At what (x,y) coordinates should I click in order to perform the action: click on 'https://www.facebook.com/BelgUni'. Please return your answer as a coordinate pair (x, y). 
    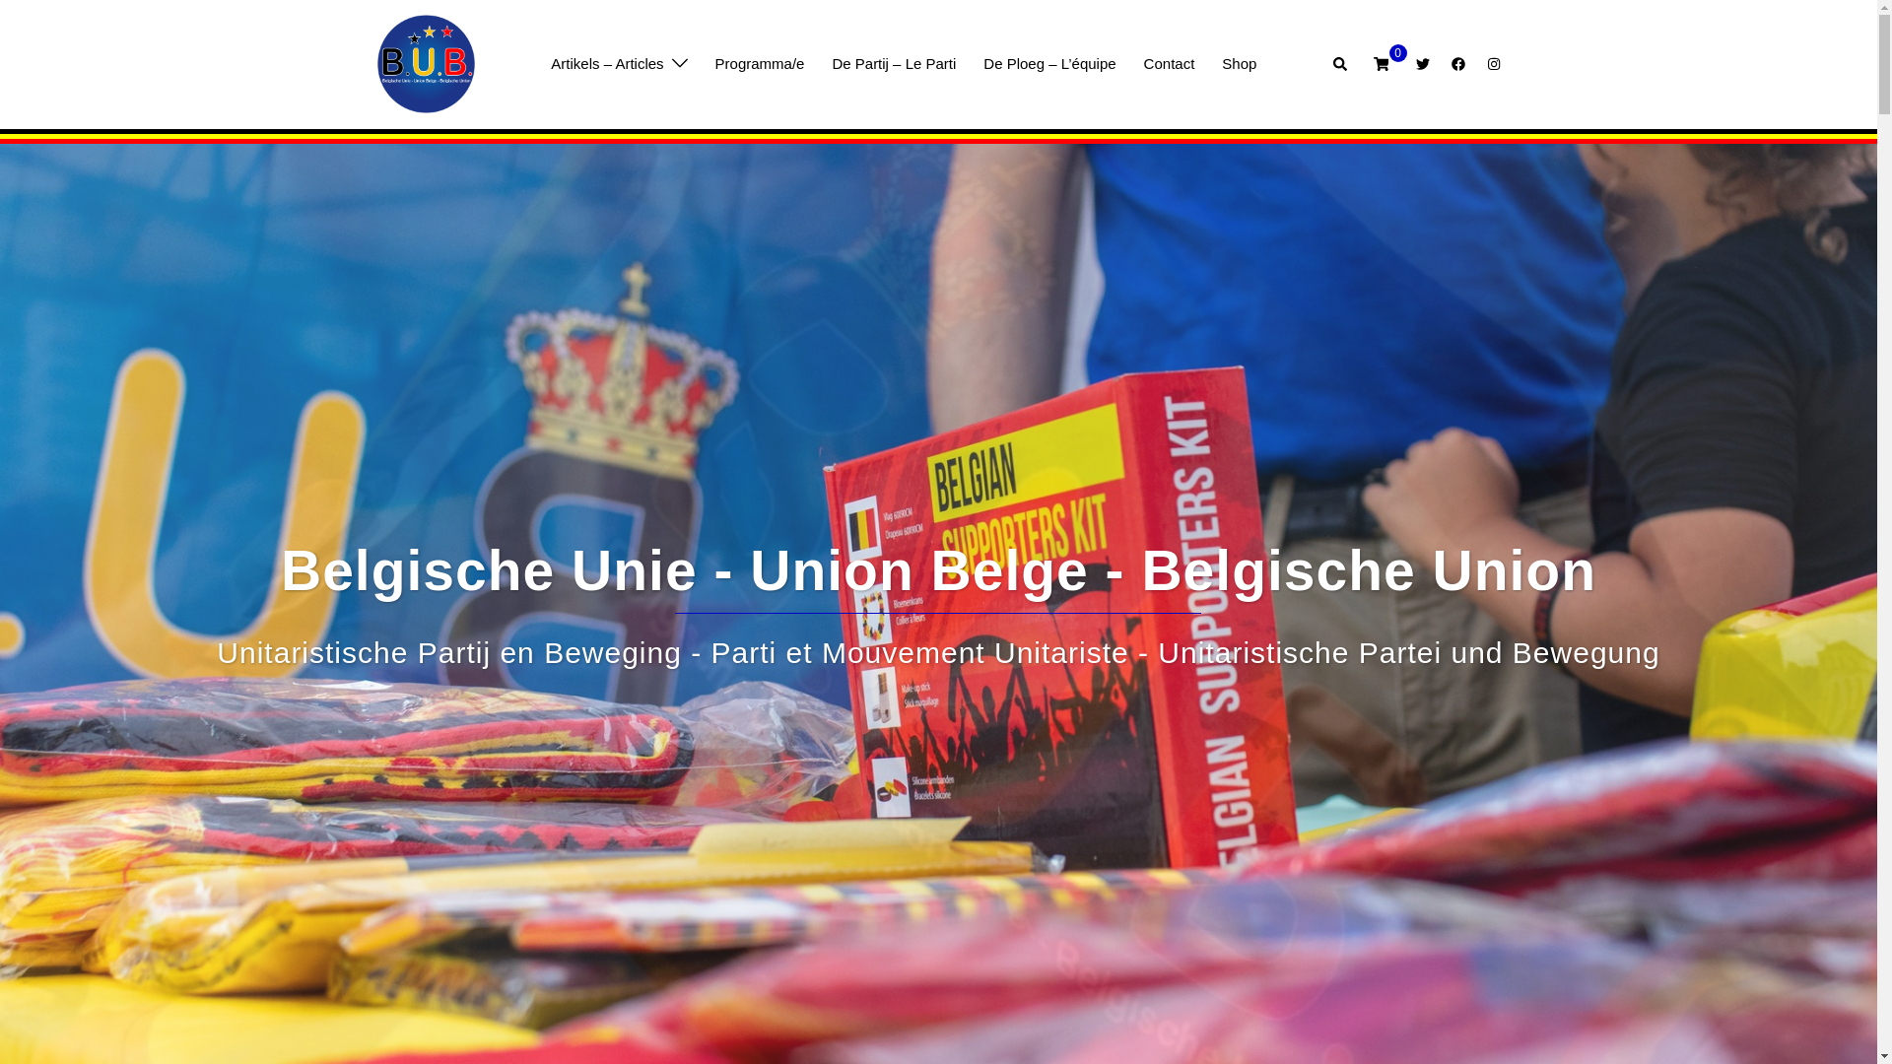
    Looking at the image, I should click on (1456, 61).